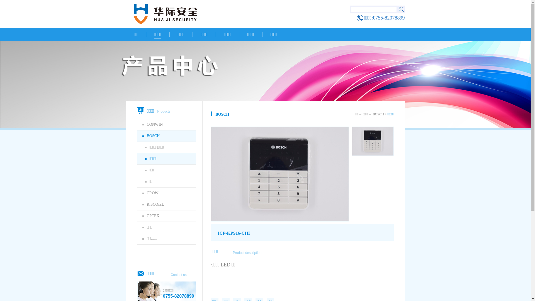 Image resolution: width=535 pixels, height=301 pixels. I want to click on 'CROW', so click(166, 193).